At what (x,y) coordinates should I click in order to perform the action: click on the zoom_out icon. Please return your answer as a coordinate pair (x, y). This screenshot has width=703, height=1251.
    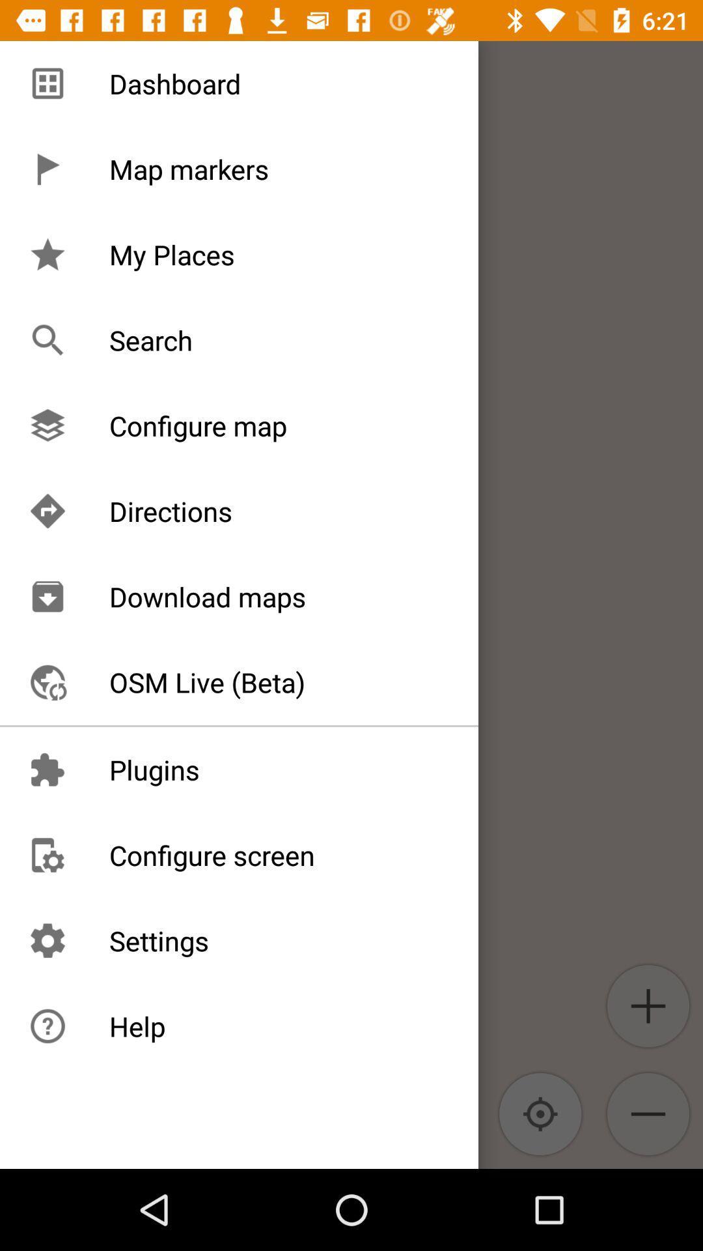
    Looking at the image, I should click on (648, 1113).